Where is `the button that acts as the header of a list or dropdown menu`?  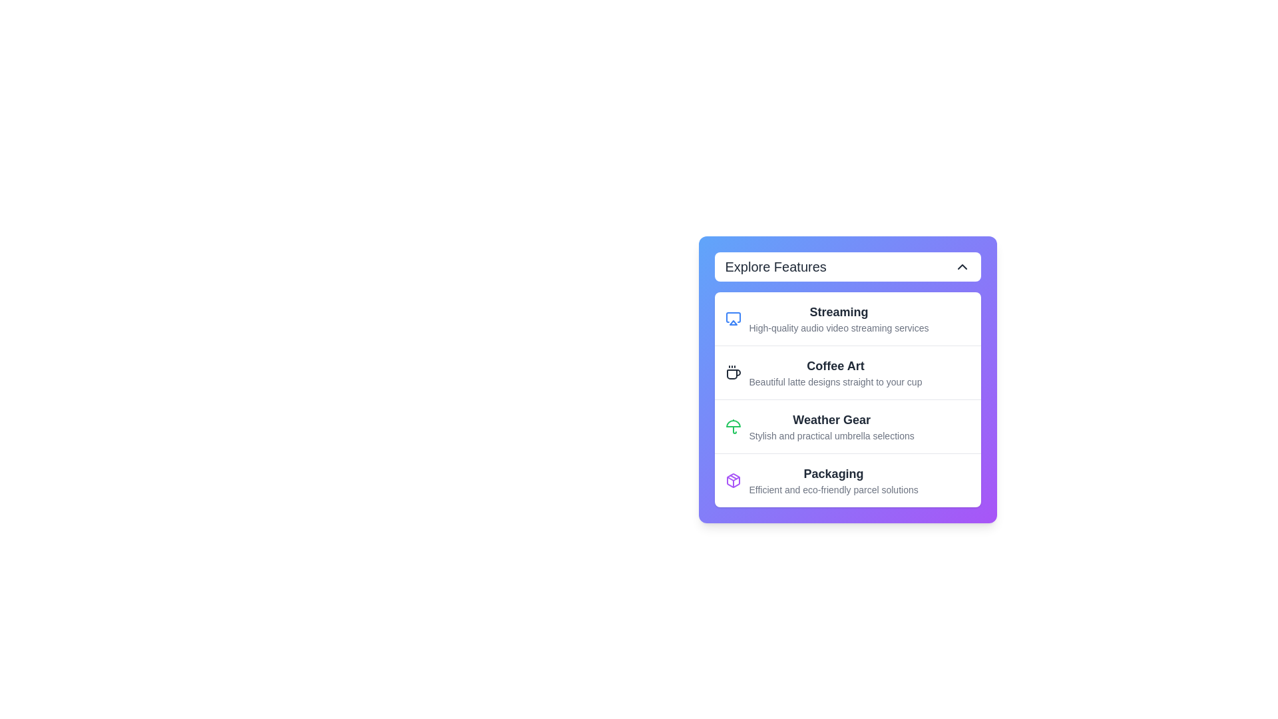
the button that acts as the header of a list or dropdown menu is located at coordinates (847, 267).